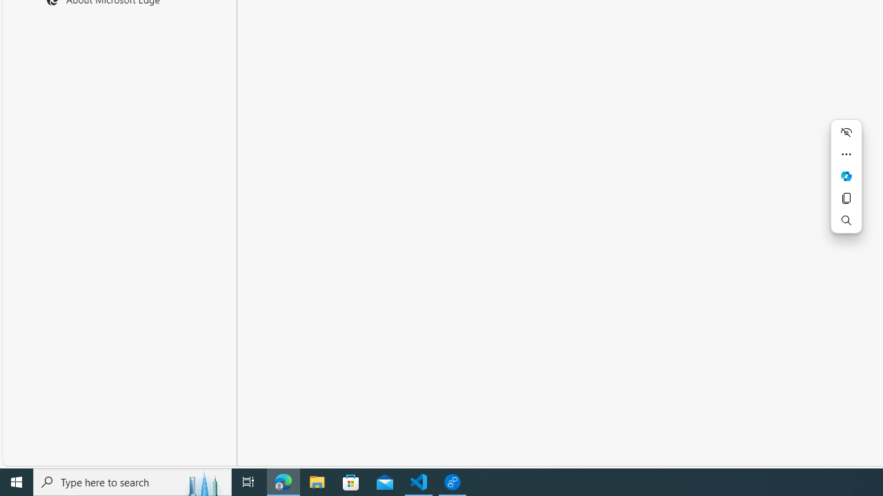  I want to click on 'Hide menu', so click(845, 132).